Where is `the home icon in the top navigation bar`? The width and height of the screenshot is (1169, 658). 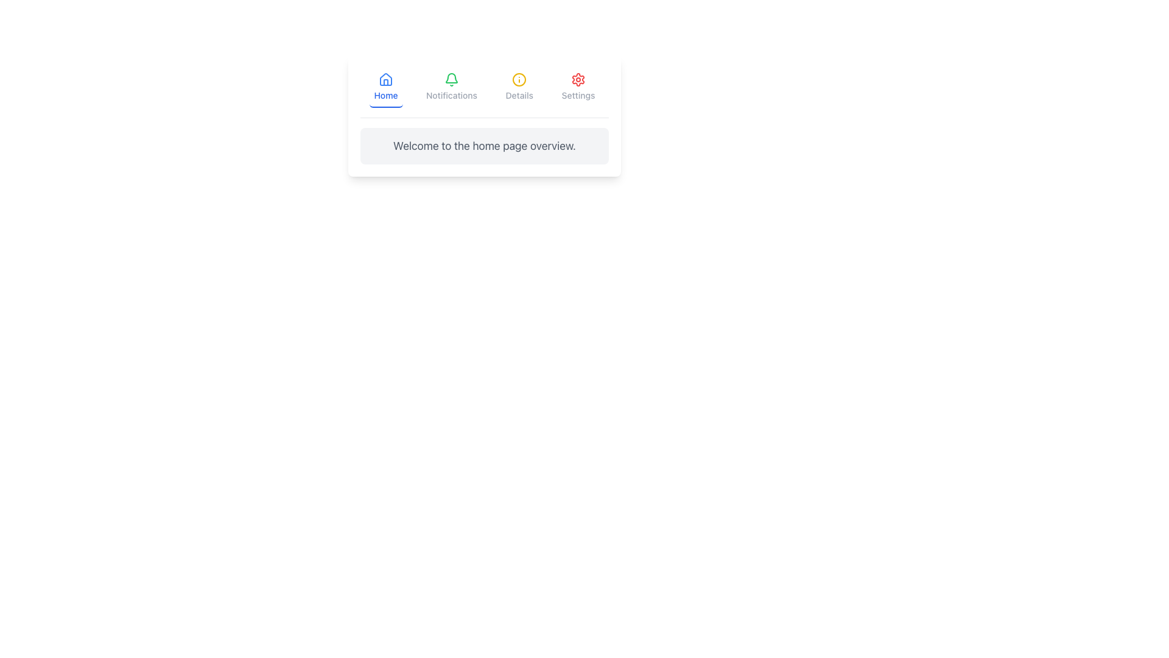
the home icon in the top navigation bar is located at coordinates (385, 80).